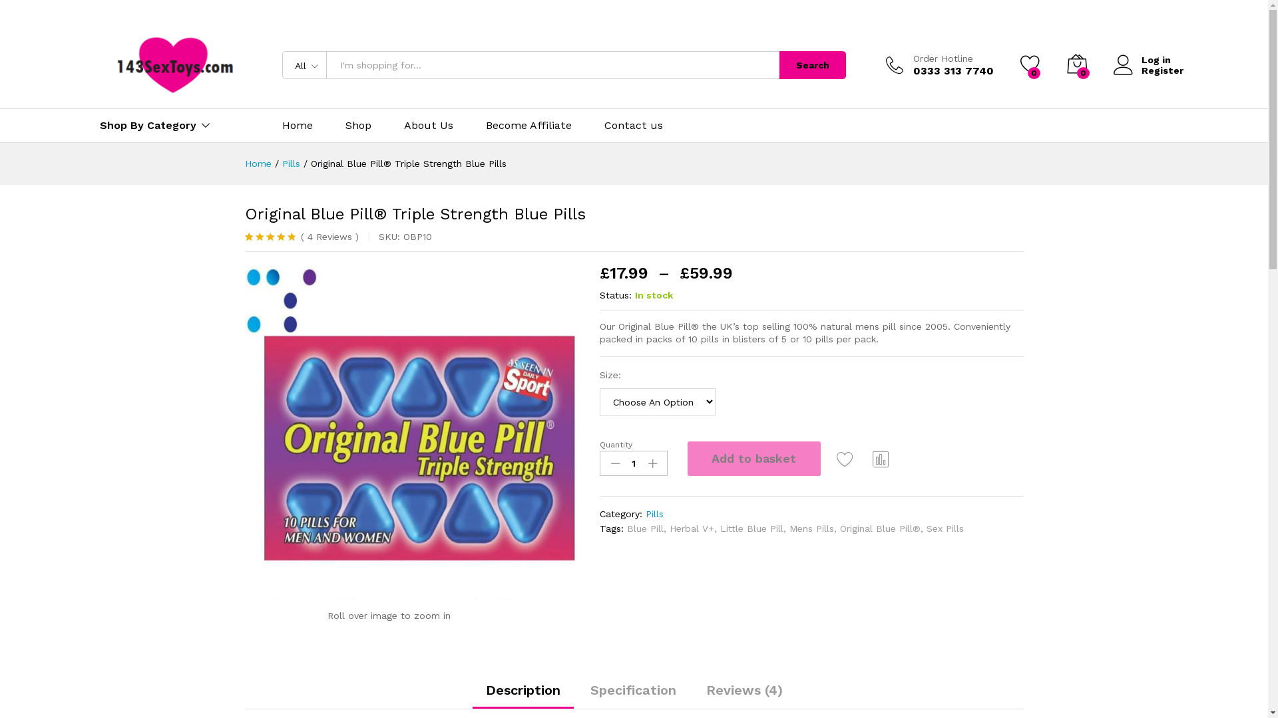  What do you see at coordinates (290, 163) in the screenshot?
I see `'Pills'` at bounding box center [290, 163].